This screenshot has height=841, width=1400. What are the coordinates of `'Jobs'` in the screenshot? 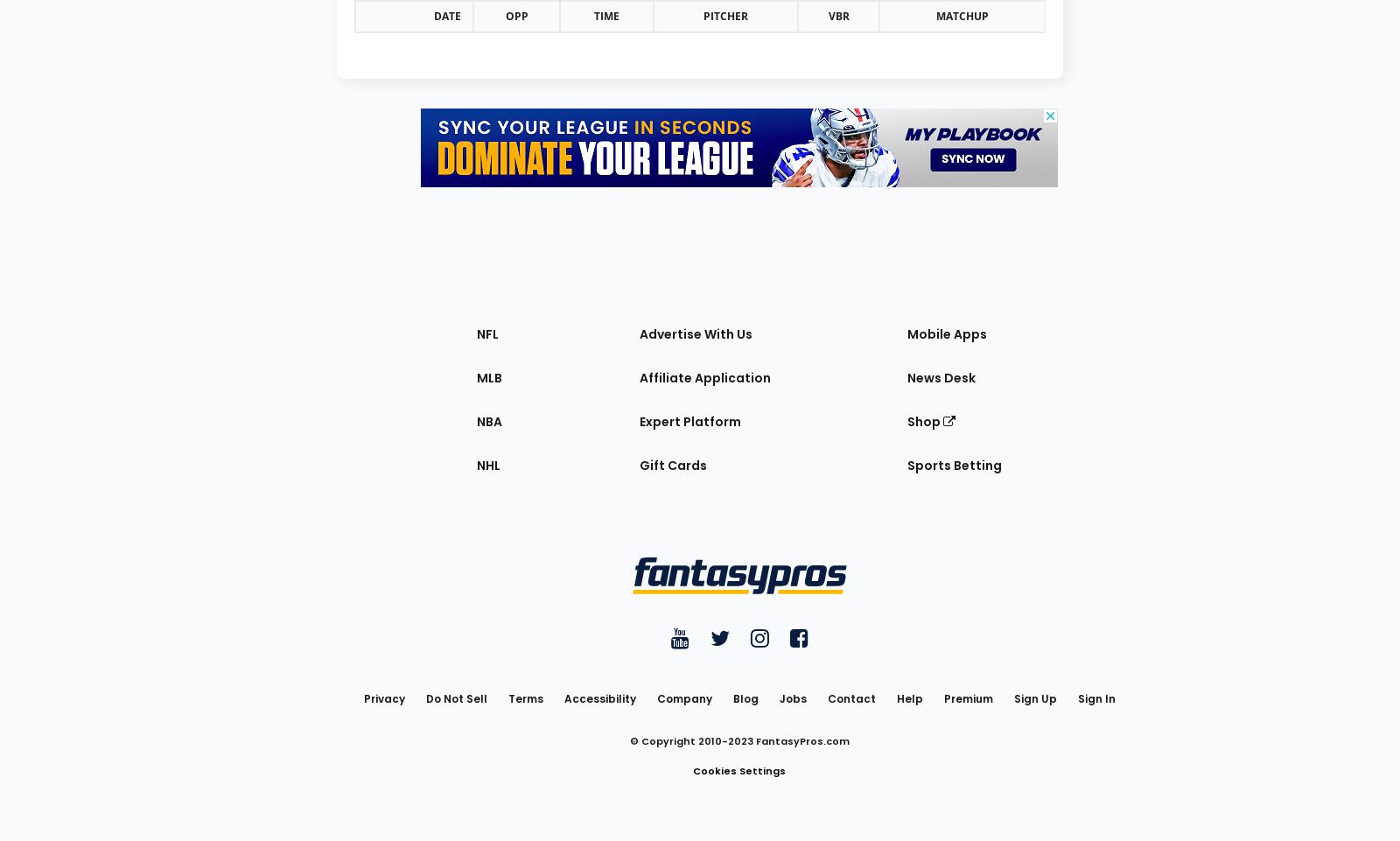 It's located at (778, 697).